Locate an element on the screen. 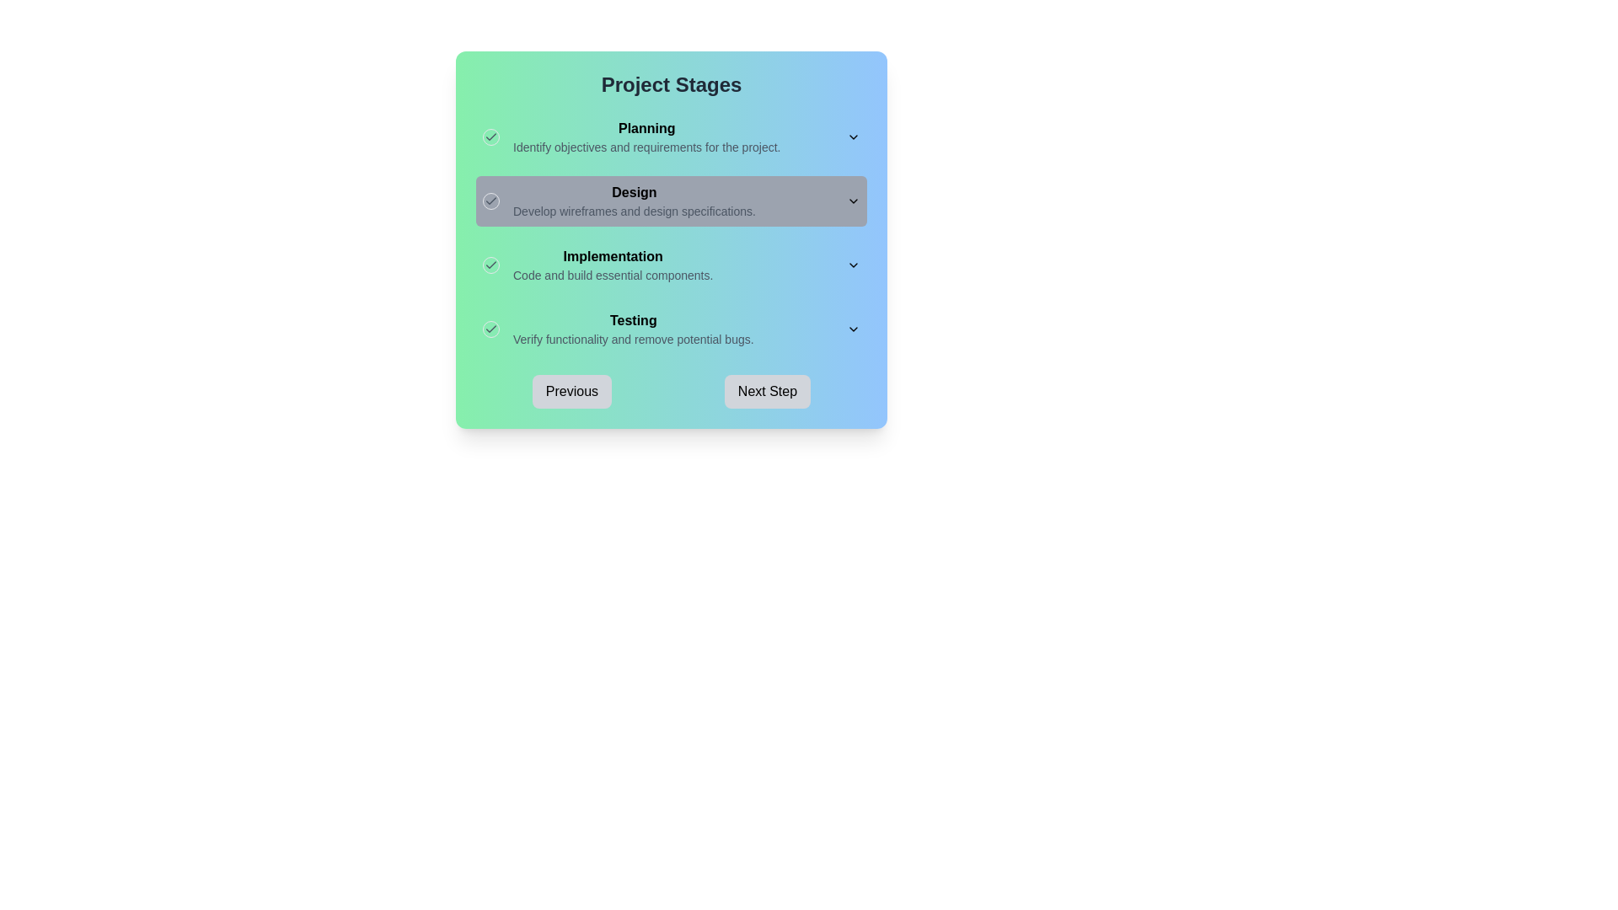 The image size is (1618, 910). the Checkbox styled icon located is located at coordinates (490, 136).